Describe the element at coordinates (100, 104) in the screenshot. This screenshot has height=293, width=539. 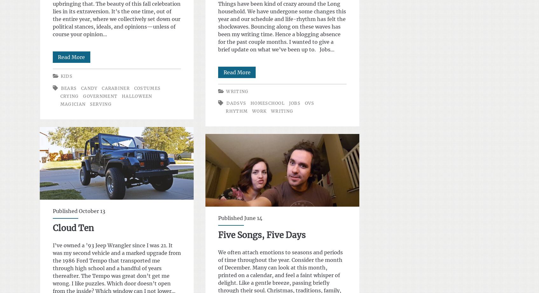
I see `'serving'` at that location.